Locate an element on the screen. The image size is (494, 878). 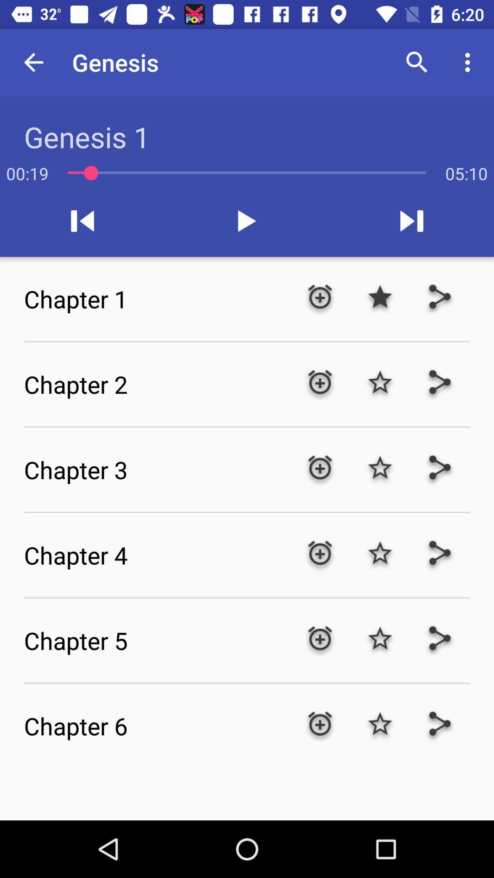
the item next to the genesis is located at coordinates (417, 62).